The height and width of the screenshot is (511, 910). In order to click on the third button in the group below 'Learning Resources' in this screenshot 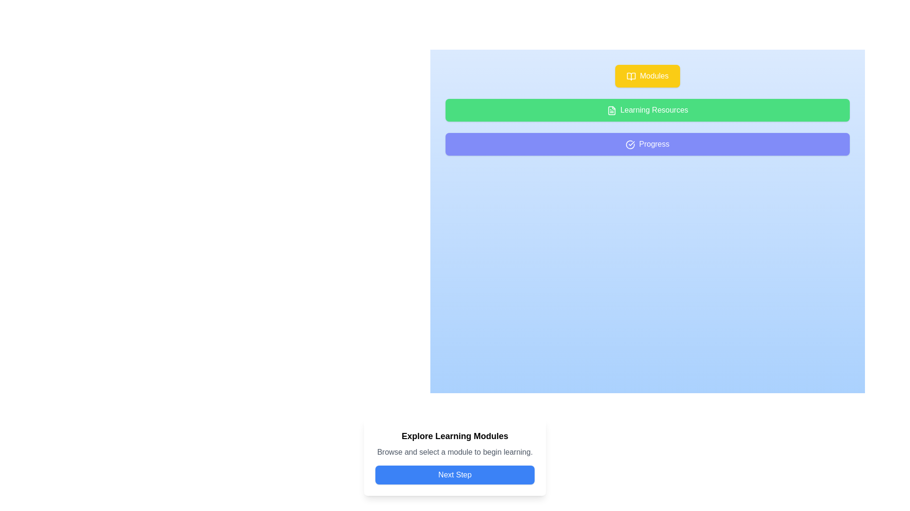, I will do `click(647, 144)`.